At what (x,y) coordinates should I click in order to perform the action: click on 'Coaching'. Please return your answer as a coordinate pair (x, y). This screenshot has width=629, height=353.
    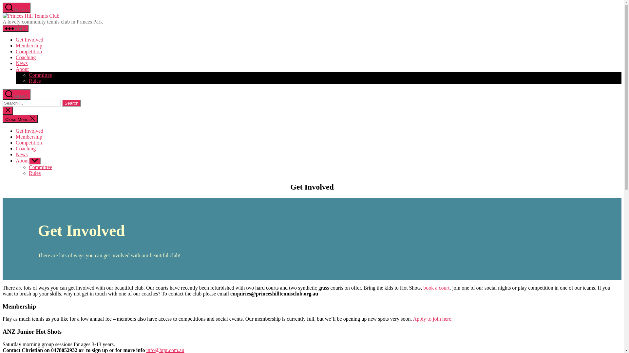
    Looking at the image, I should click on (26, 148).